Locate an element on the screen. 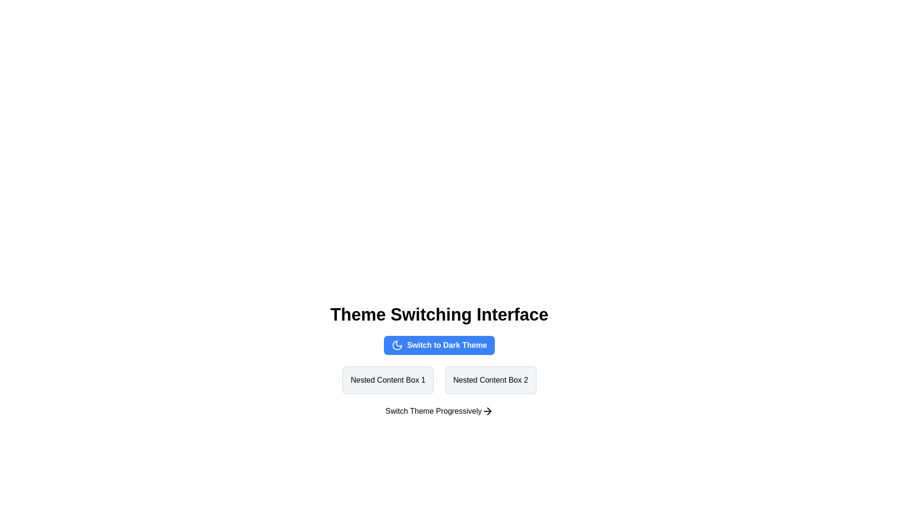  the static content box located in the lower-middle part of the interface, positioned below the 'Switch to Dark Theme' button and above 'Switch Theme Progressively', to the left of 'Nested Content Box 2' is located at coordinates (388, 379).